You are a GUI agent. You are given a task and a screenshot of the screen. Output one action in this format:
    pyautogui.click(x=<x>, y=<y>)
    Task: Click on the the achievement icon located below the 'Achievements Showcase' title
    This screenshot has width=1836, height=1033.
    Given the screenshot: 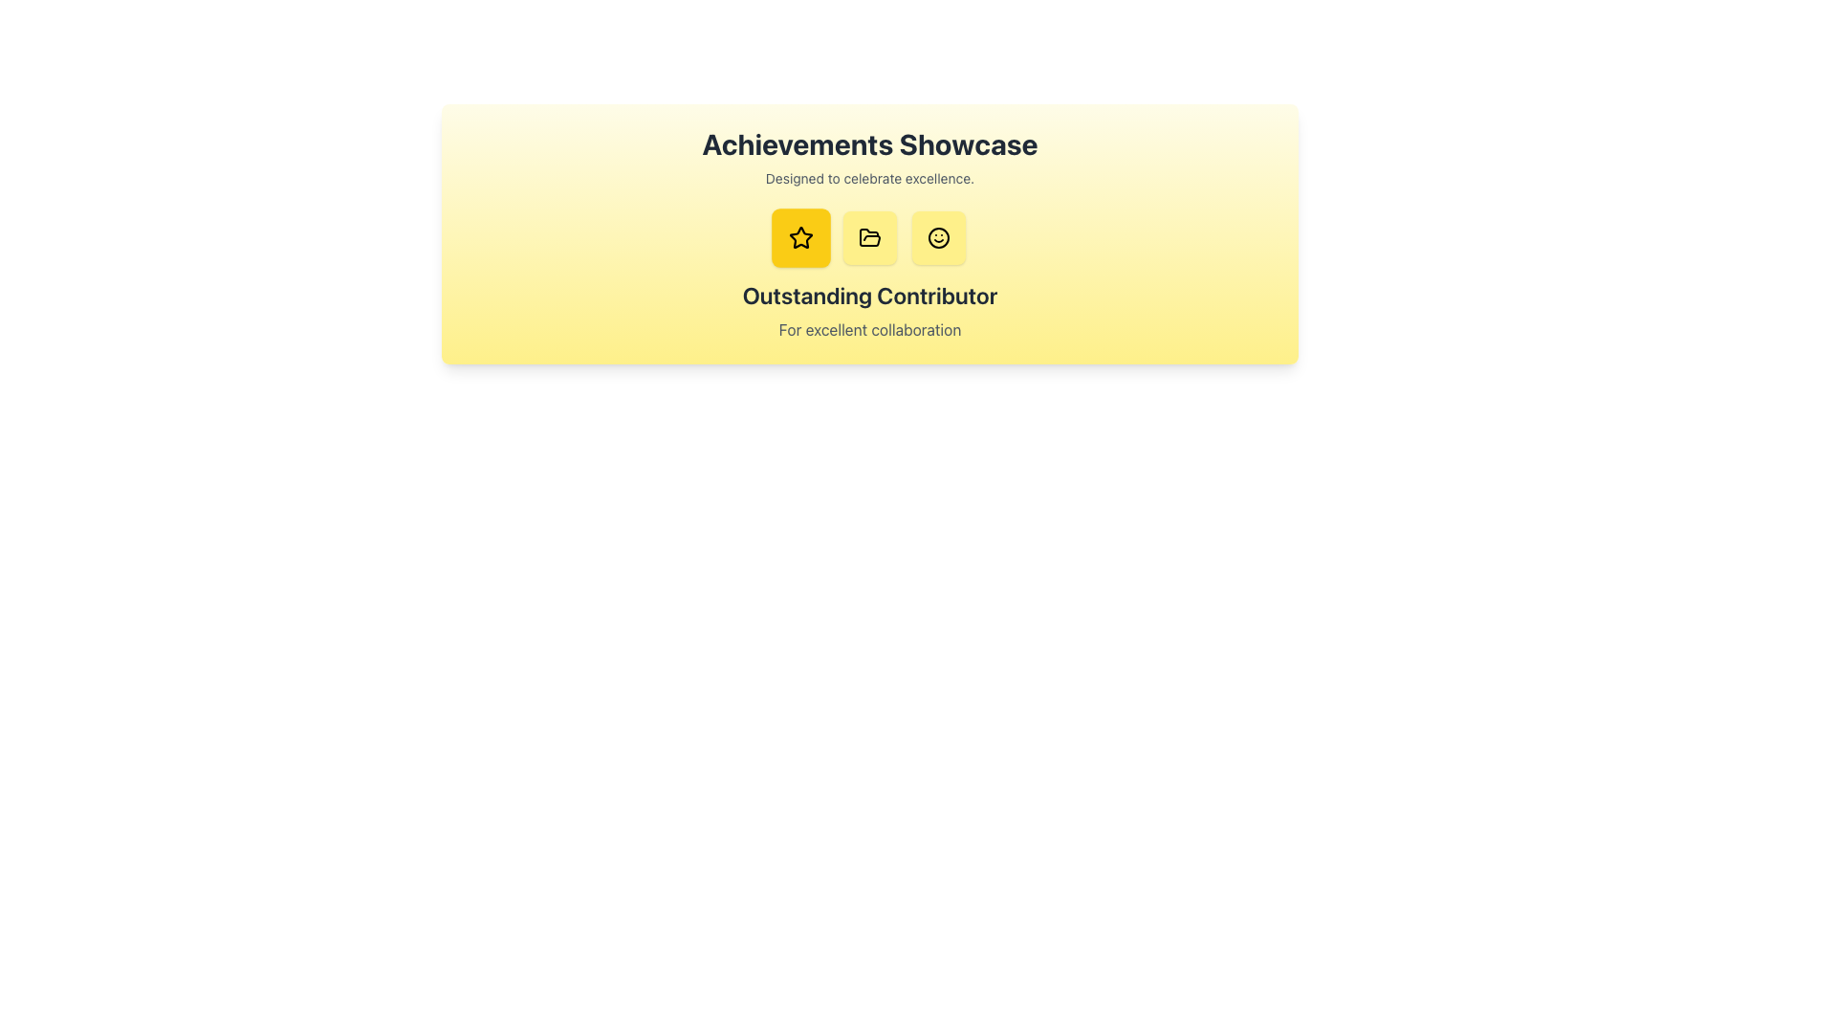 What is the action you would take?
    pyautogui.click(x=801, y=237)
    